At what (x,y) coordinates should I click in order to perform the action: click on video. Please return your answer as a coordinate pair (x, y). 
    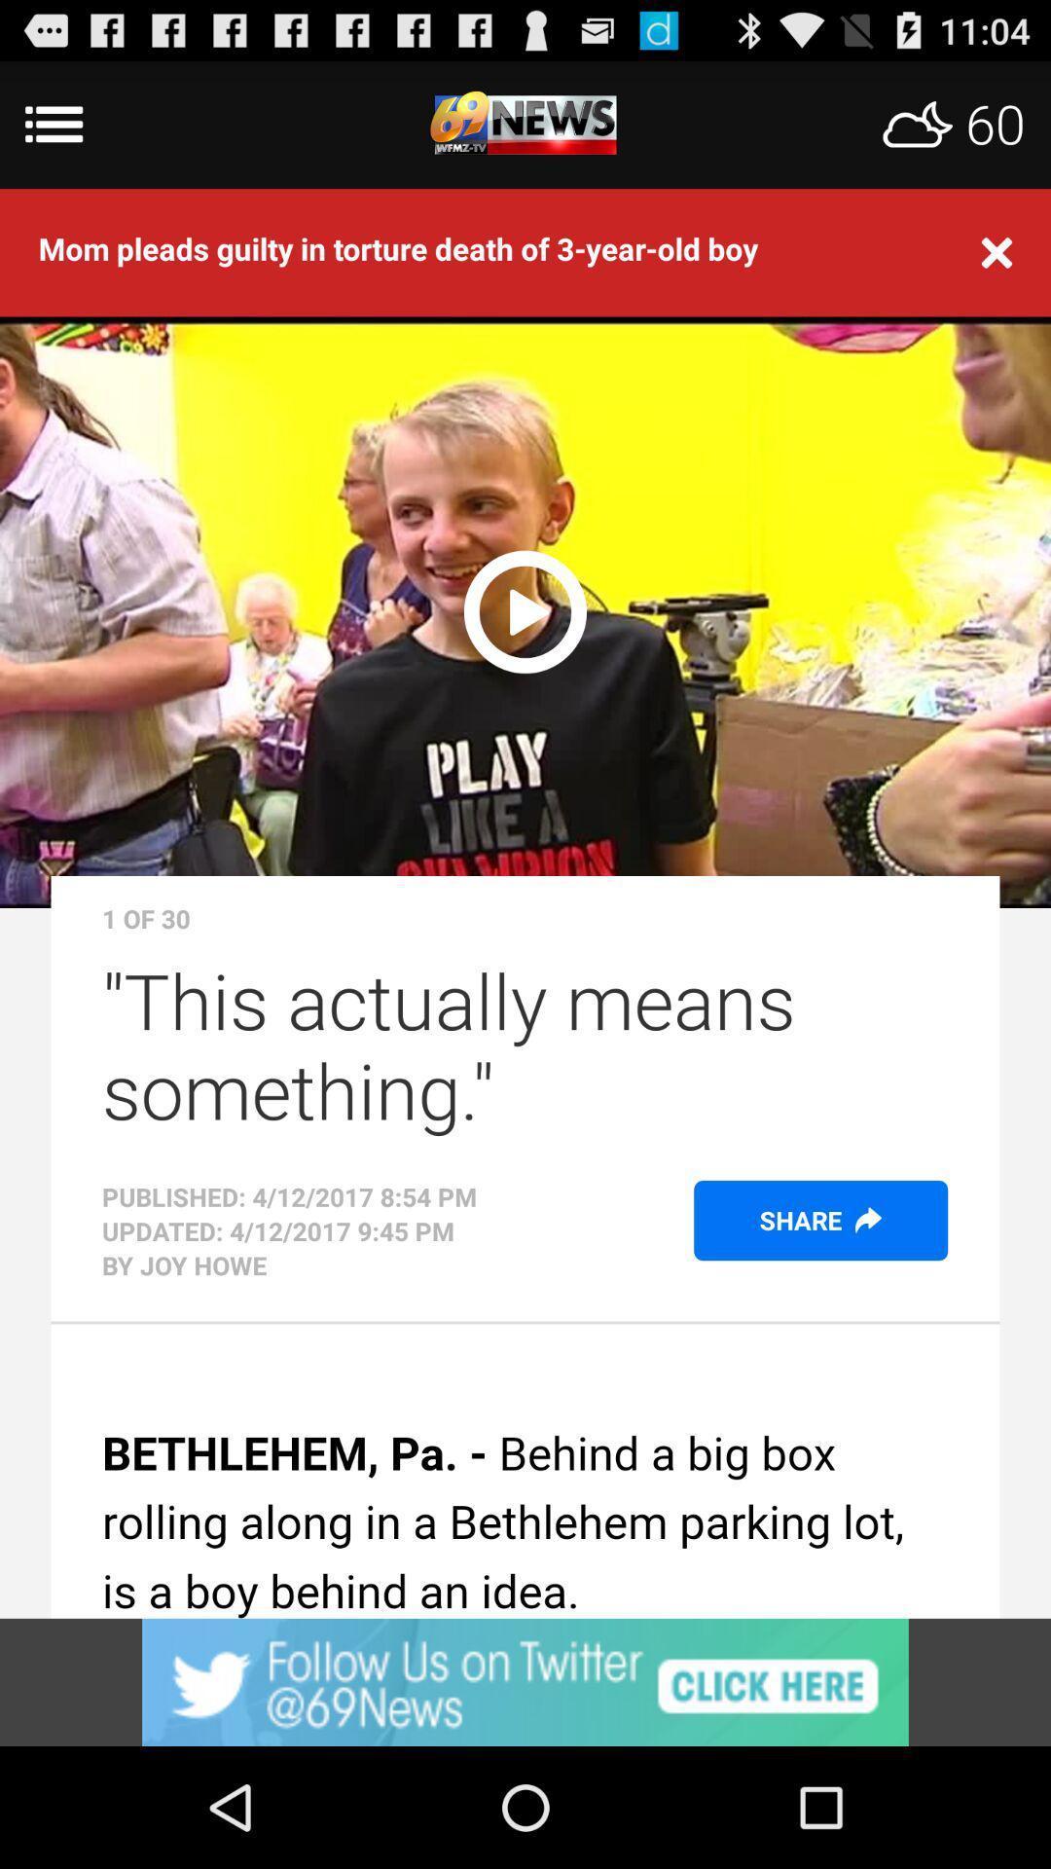
    Looking at the image, I should click on (525, 607).